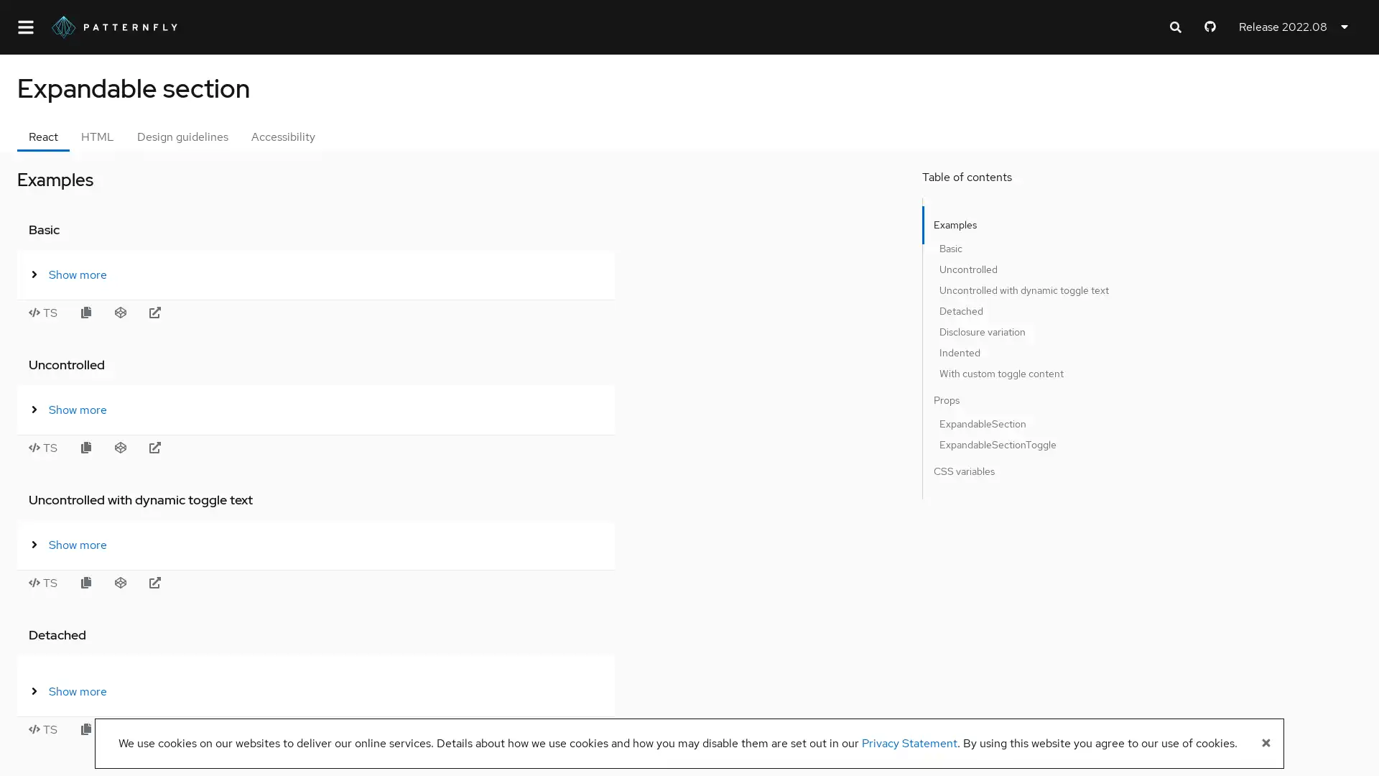  Describe the element at coordinates (293, 729) in the screenshot. I see `Copy Detached example code to clipboard` at that location.